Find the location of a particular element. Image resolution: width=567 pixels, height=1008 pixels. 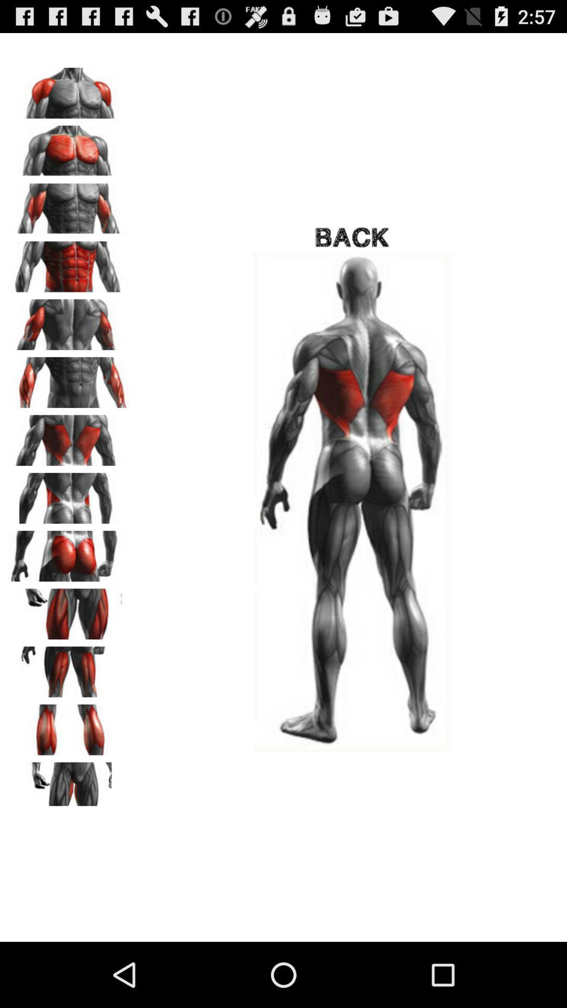

target biceps is located at coordinates (69, 205).